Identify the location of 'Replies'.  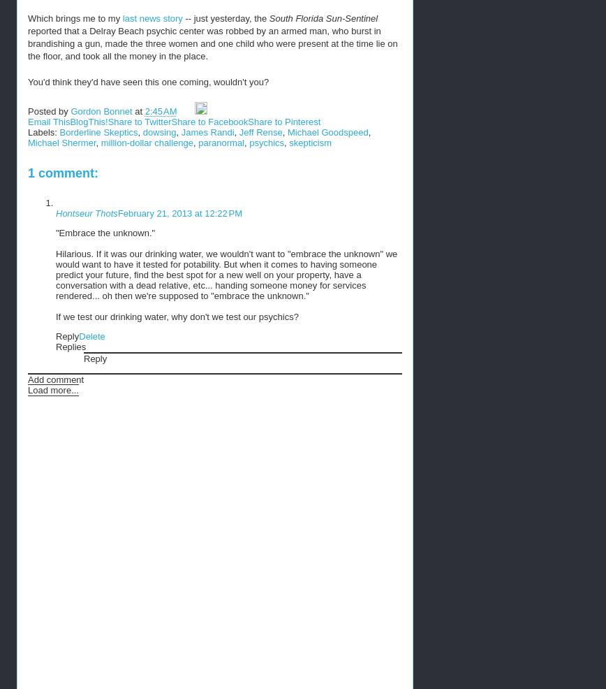
(71, 346).